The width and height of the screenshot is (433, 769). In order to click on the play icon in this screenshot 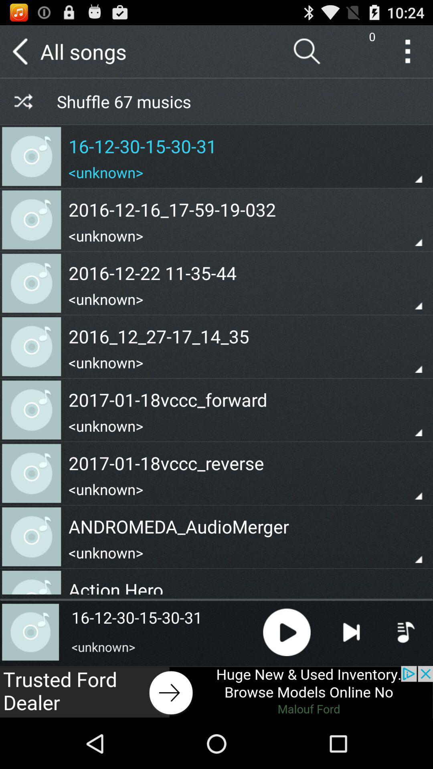, I will do `click(286, 676)`.